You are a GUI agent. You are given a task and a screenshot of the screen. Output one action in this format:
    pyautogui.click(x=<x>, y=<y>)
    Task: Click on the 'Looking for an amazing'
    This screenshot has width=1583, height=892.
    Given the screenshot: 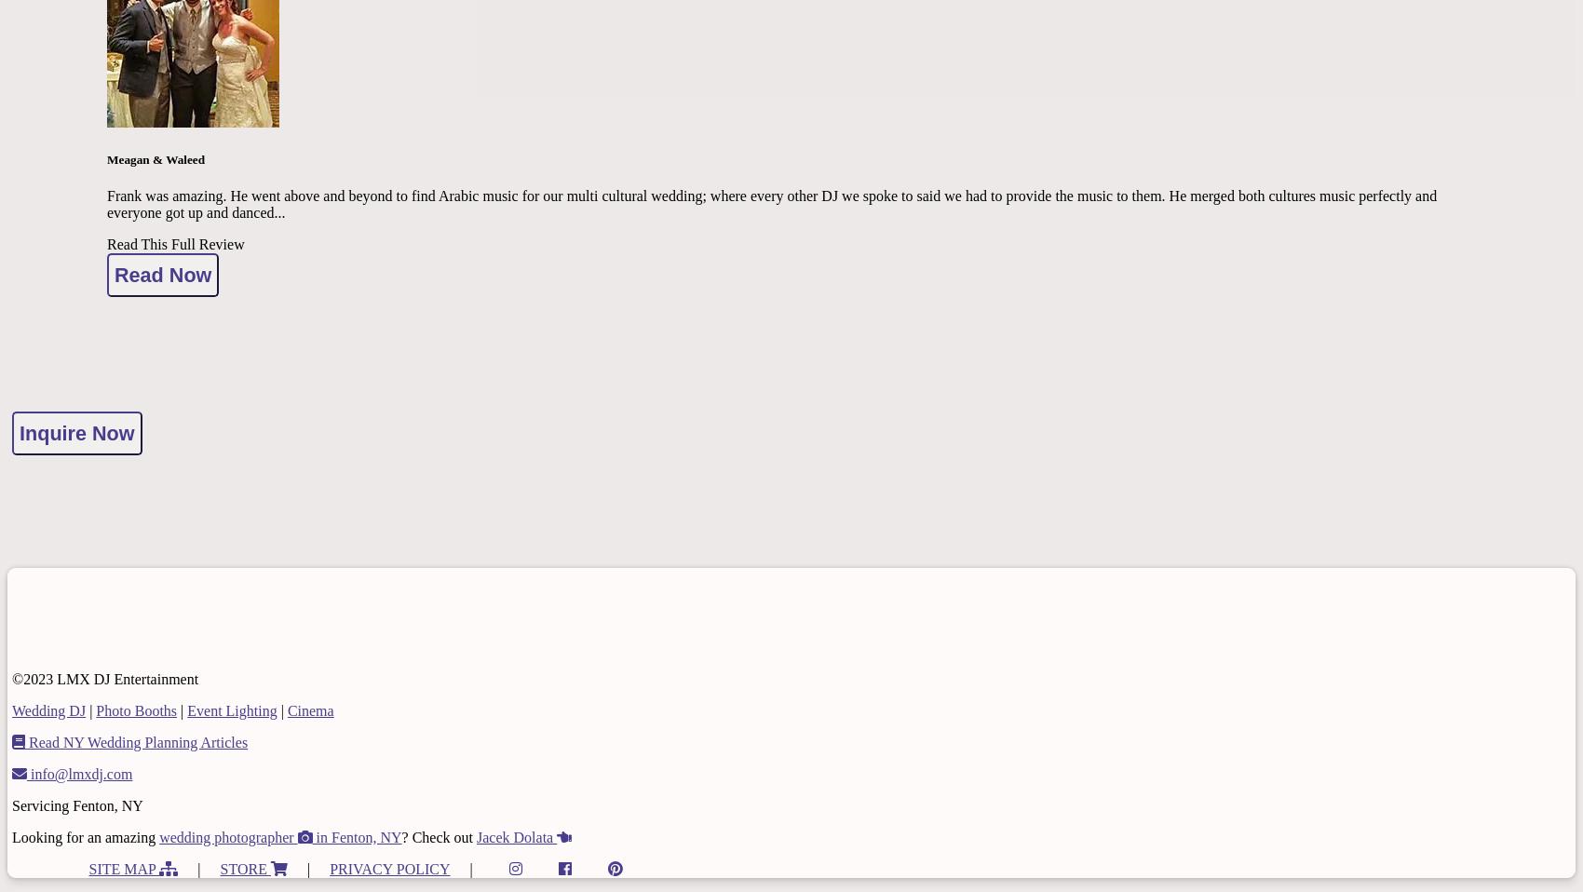 What is the action you would take?
    pyautogui.click(x=85, y=836)
    